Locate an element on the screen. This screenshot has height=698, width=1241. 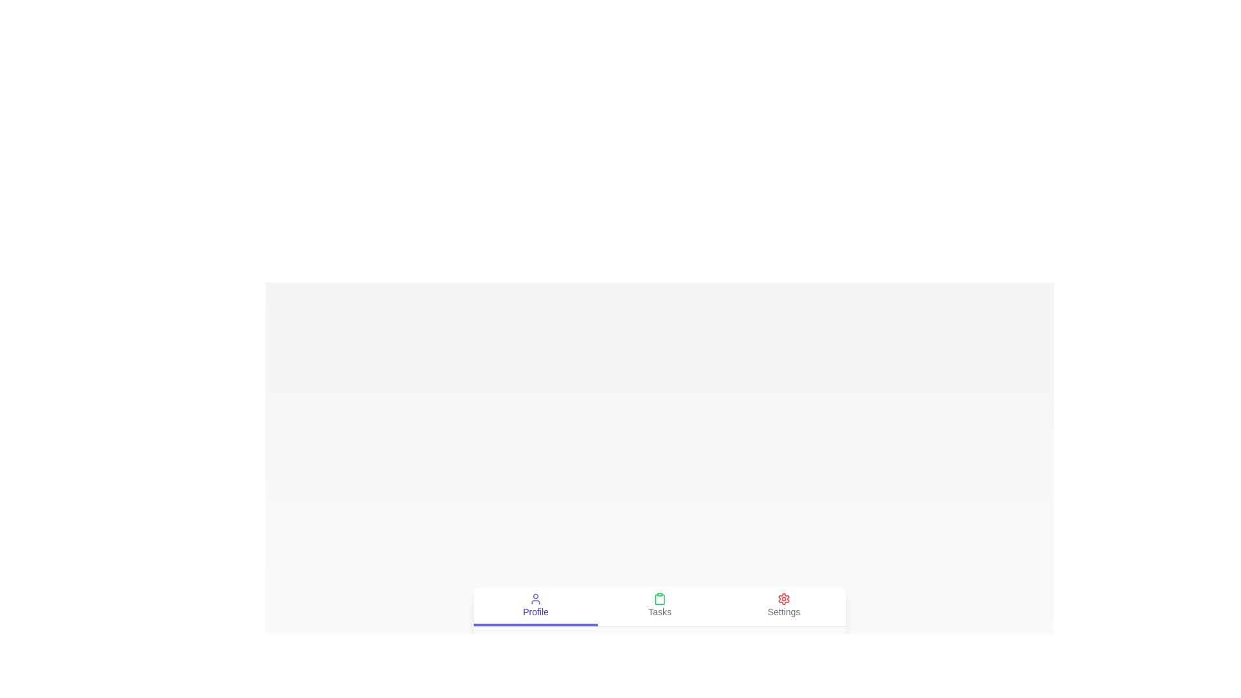
the tab labeled Profile by clicking on it is located at coordinates (536, 606).